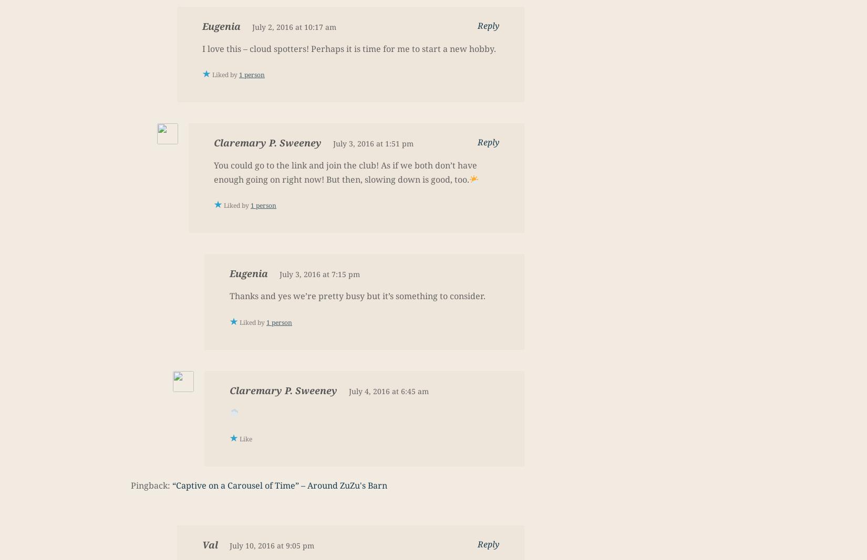 The image size is (867, 560). I want to click on 'Like', so click(239, 438).